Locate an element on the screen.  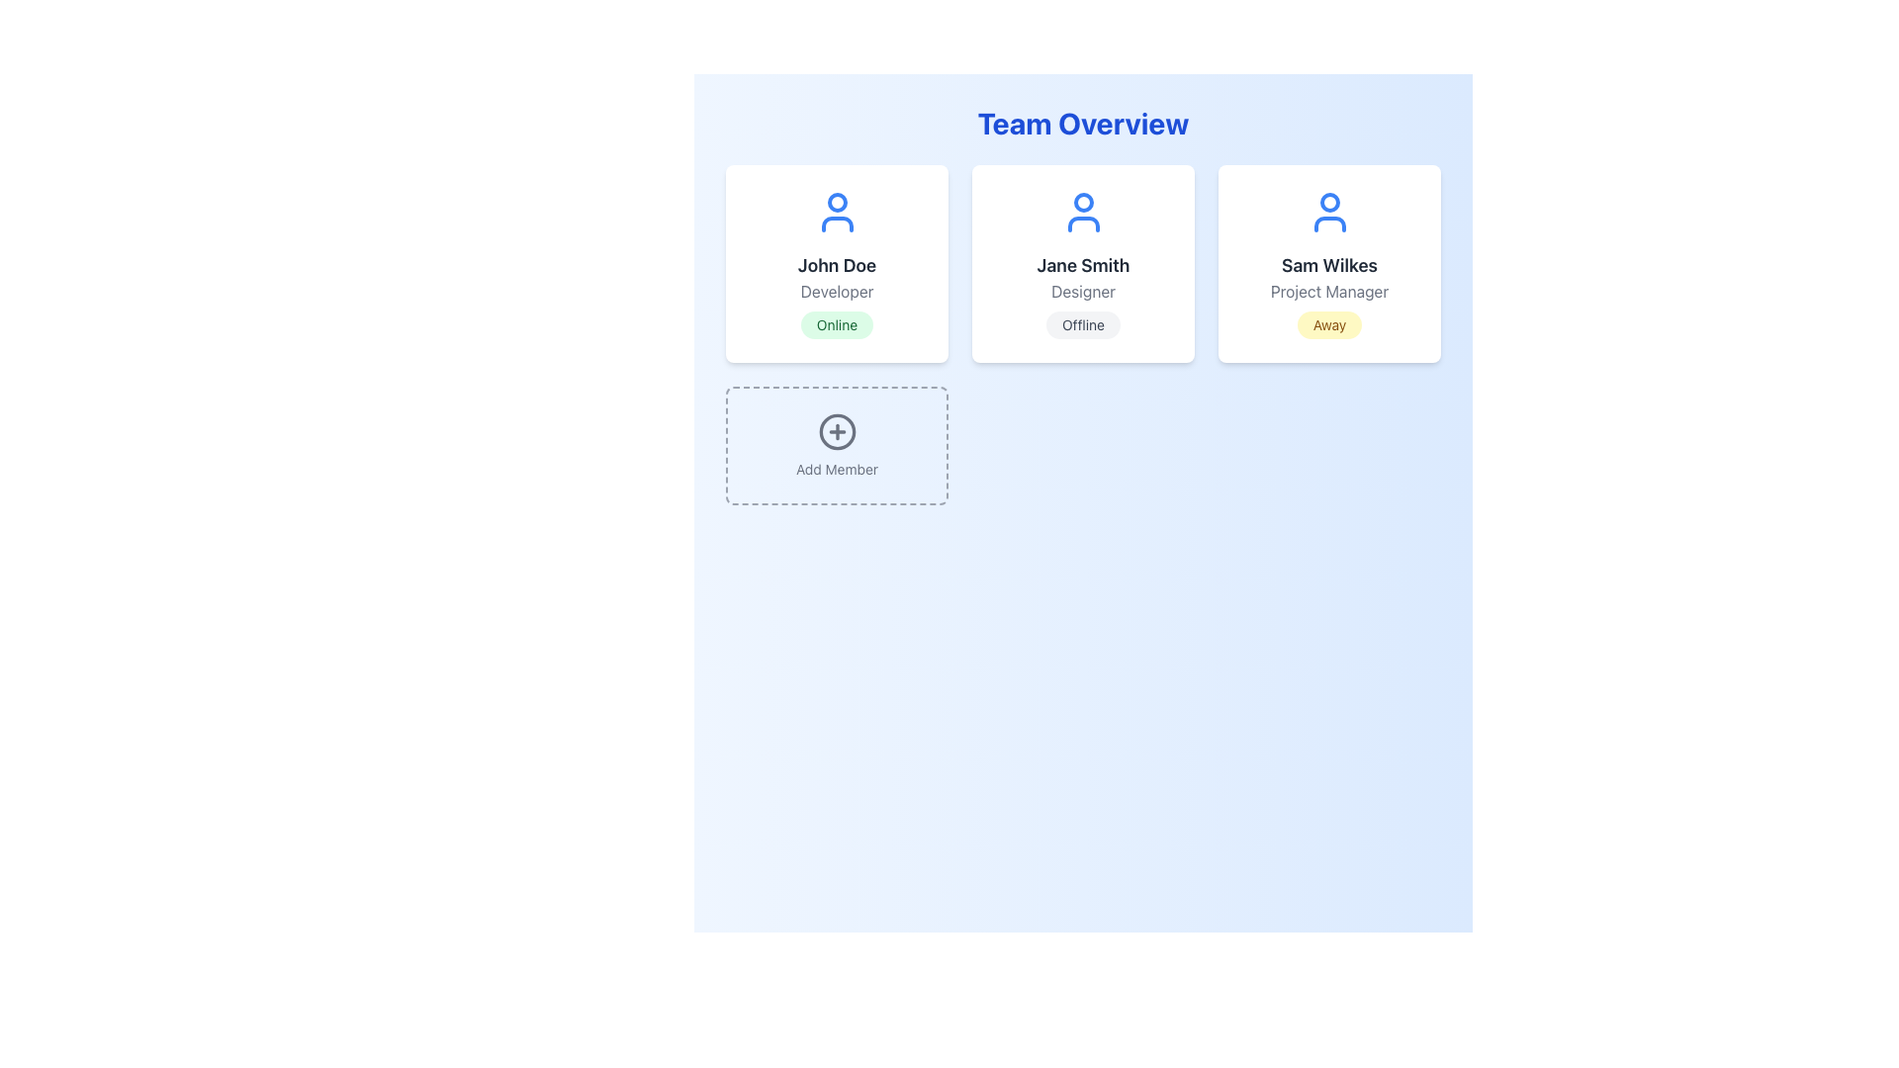
the title or header text element located at the top center of the interface, which indicates the purpose or theme of the section below the team member cards is located at coordinates (1082, 123).